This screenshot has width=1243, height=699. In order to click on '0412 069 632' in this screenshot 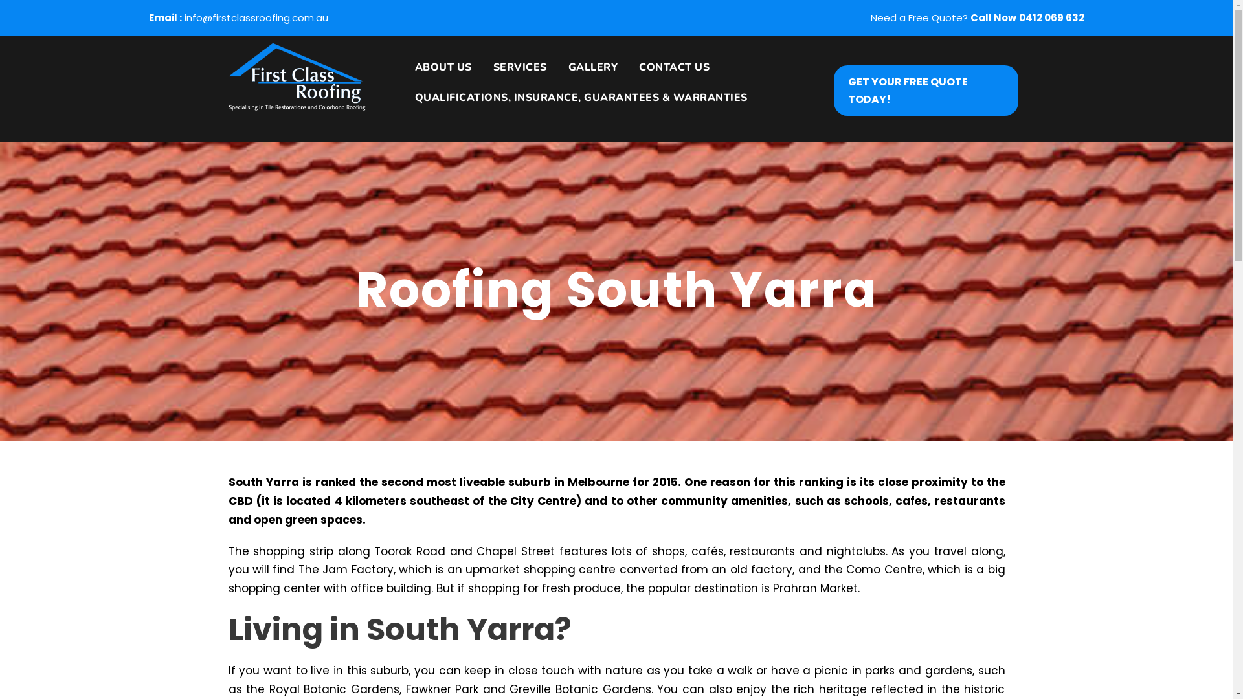, I will do `click(1051, 17)`.